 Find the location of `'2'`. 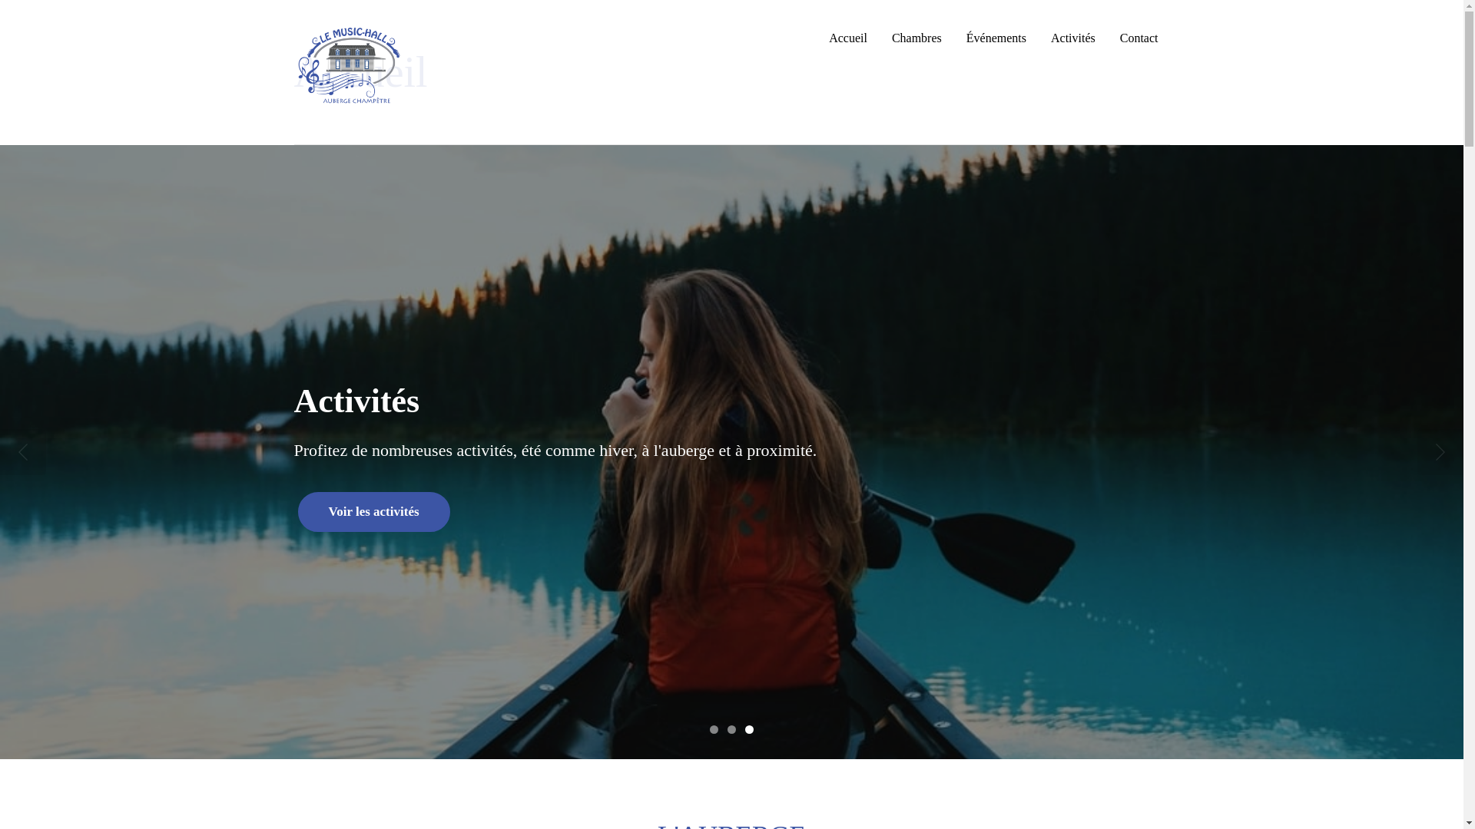

'2' is located at coordinates (726, 728).